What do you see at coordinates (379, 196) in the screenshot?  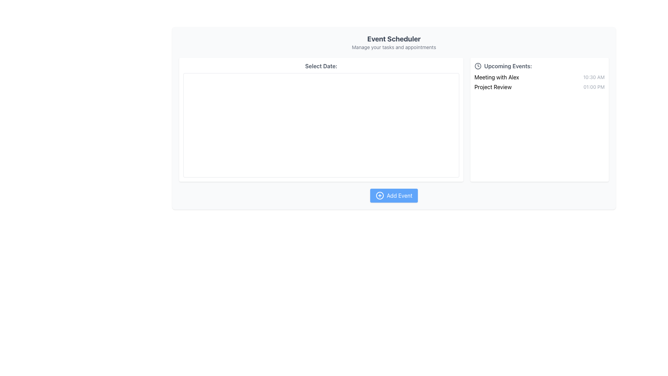 I see `the 'Add Event' icon located to the left of the 'Add Event' text within the button in the lower middle section of the application interface` at bounding box center [379, 196].